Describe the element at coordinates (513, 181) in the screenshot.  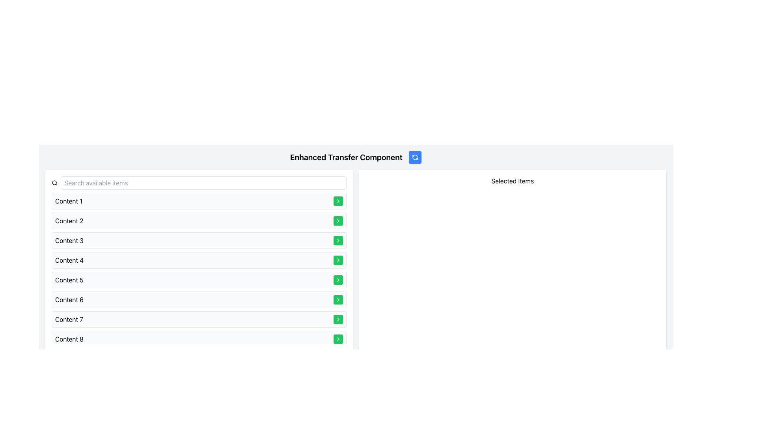
I see `the 'Selected Items' text element, which is styled as a header and located below the main title 'Enhanced Transfer Component' in the right-hand section of the interface` at that location.